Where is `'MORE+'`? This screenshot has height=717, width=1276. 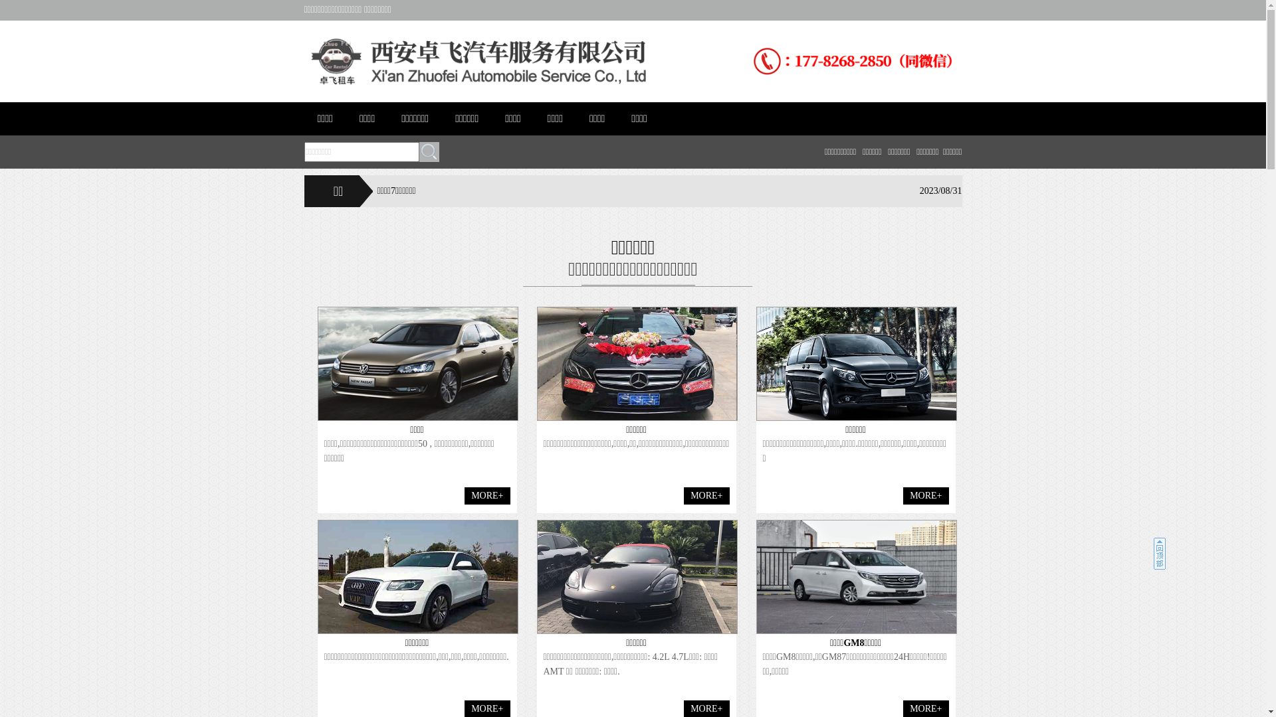
'MORE+' is located at coordinates (486, 496).